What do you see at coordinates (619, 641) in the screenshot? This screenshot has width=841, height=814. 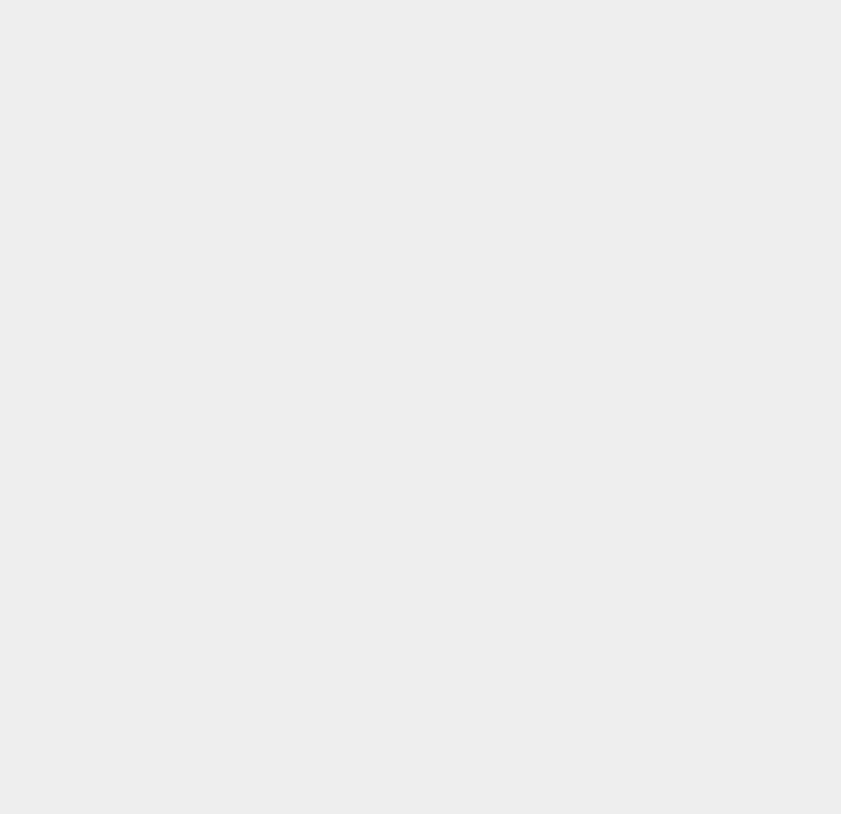 I see `'macOS 11'` at bounding box center [619, 641].